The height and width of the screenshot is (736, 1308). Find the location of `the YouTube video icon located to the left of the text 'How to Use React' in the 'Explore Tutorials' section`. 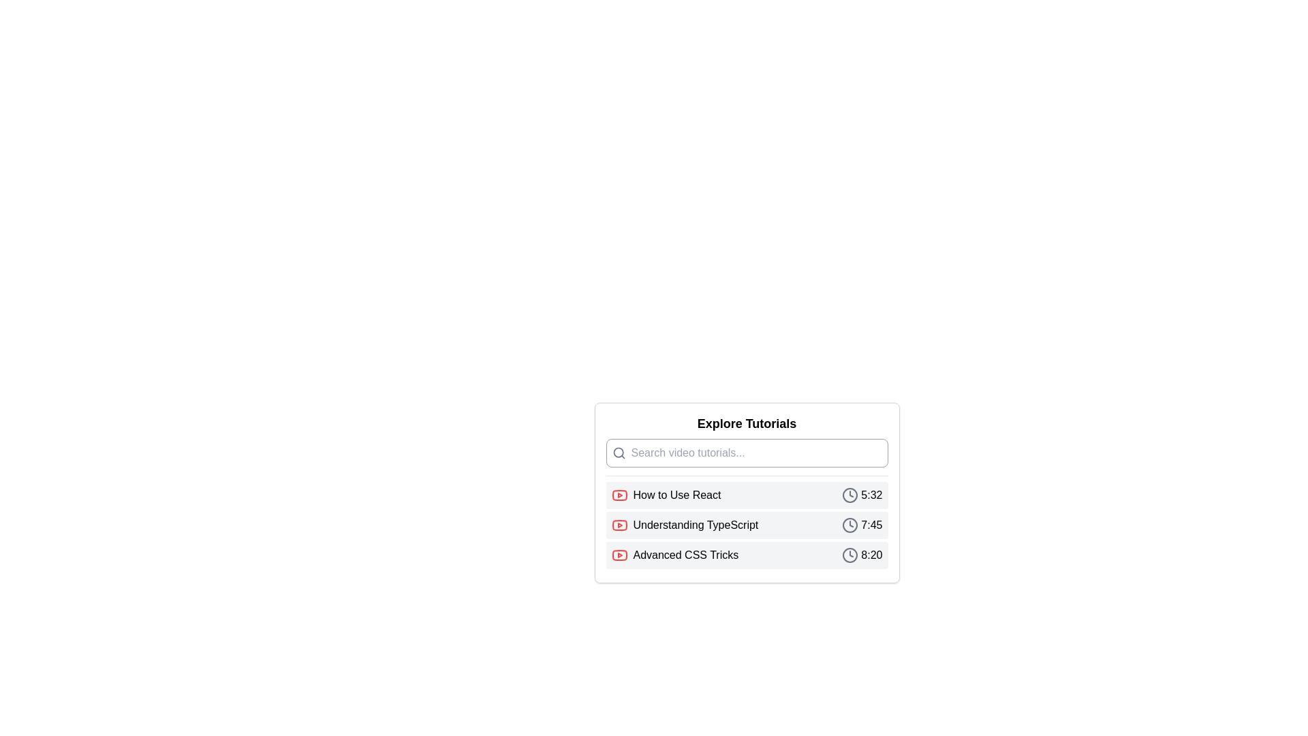

the YouTube video icon located to the left of the text 'How to Use React' in the 'Explore Tutorials' section is located at coordinates (619, 495).